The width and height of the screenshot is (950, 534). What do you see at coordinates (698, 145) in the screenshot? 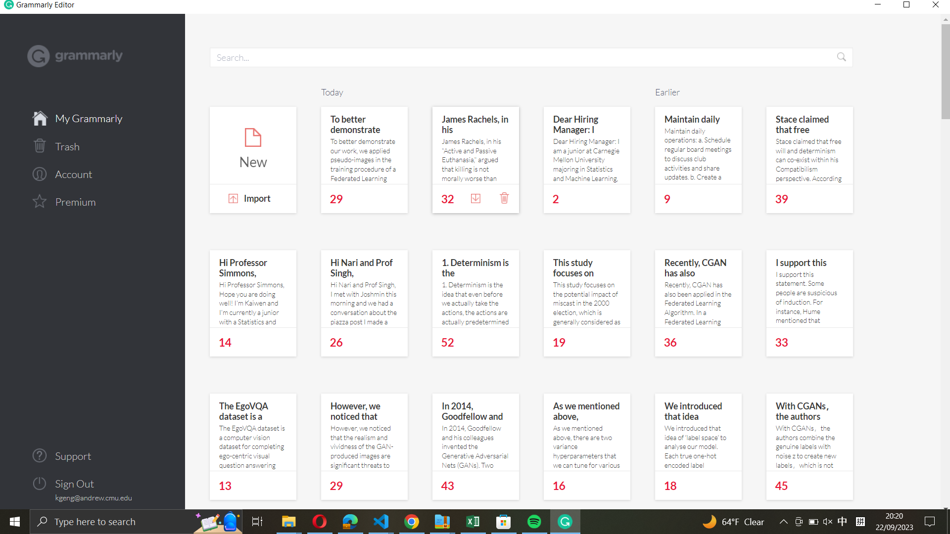
I see `a note for keeping daily records of first note earlier` at bounding box center [698, 145].